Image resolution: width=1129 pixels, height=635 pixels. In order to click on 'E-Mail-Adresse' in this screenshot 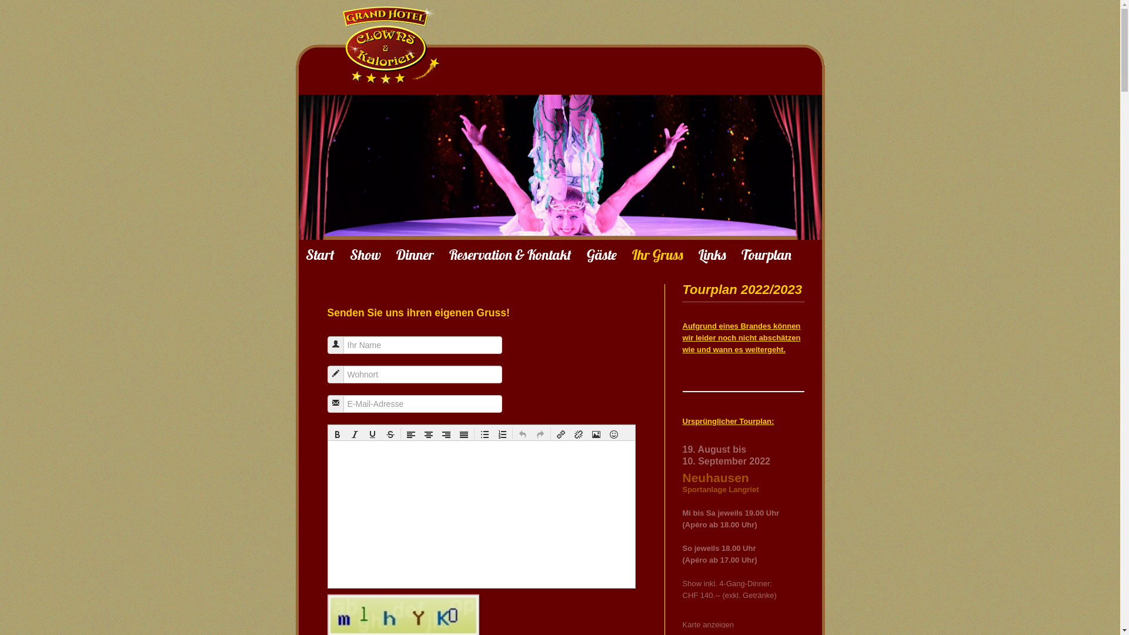, I will do `click(335, 402)`.